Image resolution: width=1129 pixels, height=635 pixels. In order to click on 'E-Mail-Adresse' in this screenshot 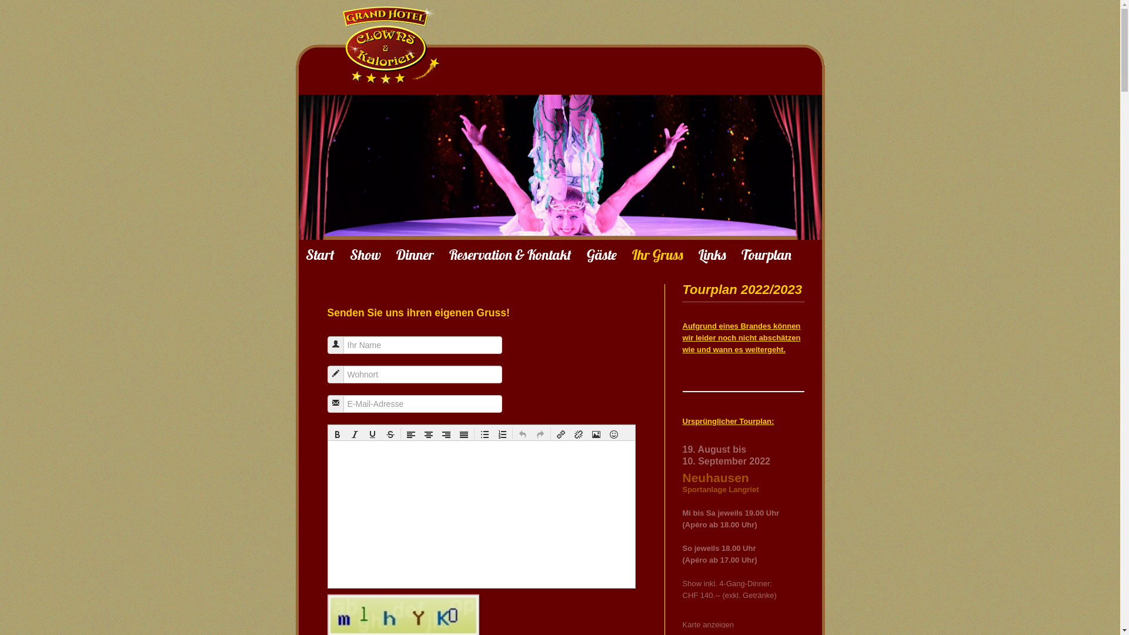, I will do `click(335, 402)`.